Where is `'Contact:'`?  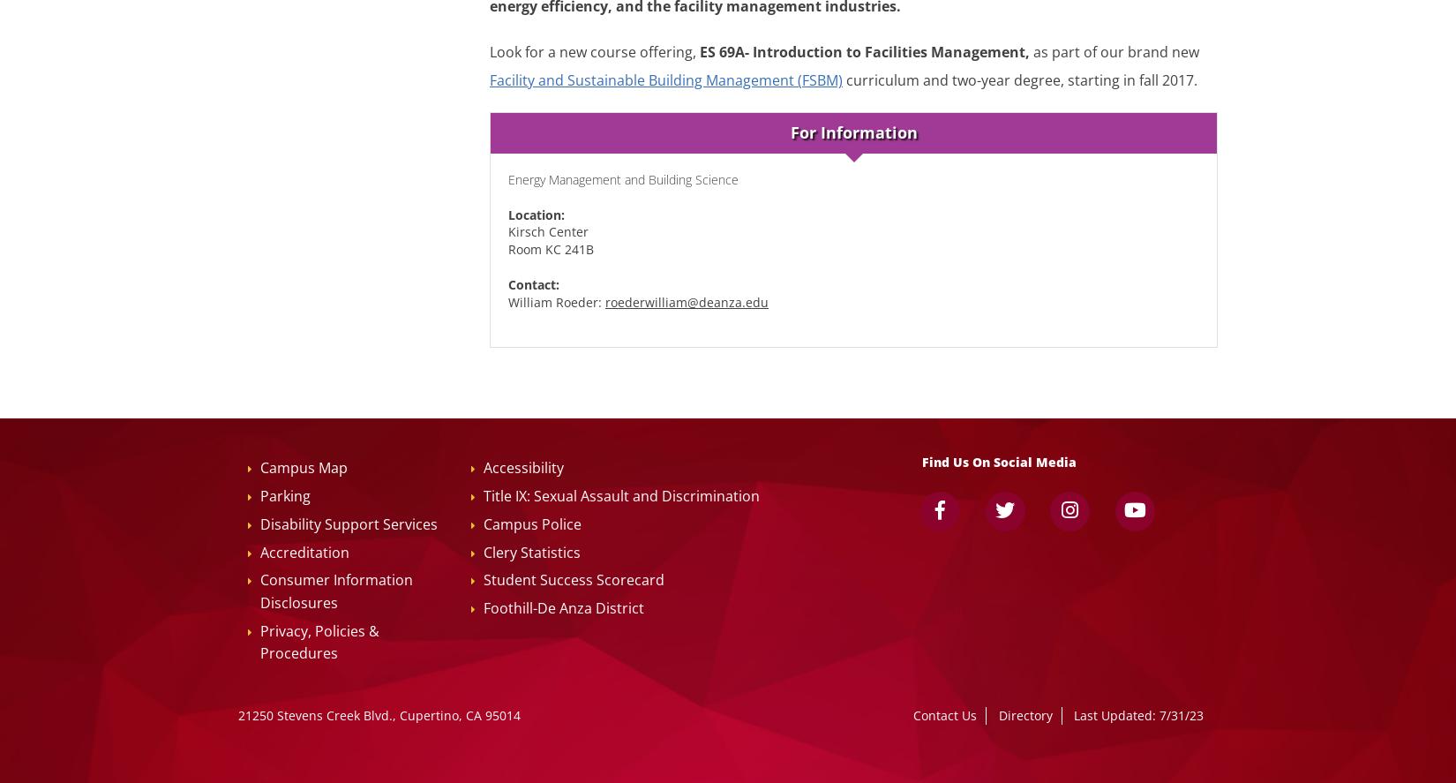 'Contact:' is located at coordinates (533, 284).